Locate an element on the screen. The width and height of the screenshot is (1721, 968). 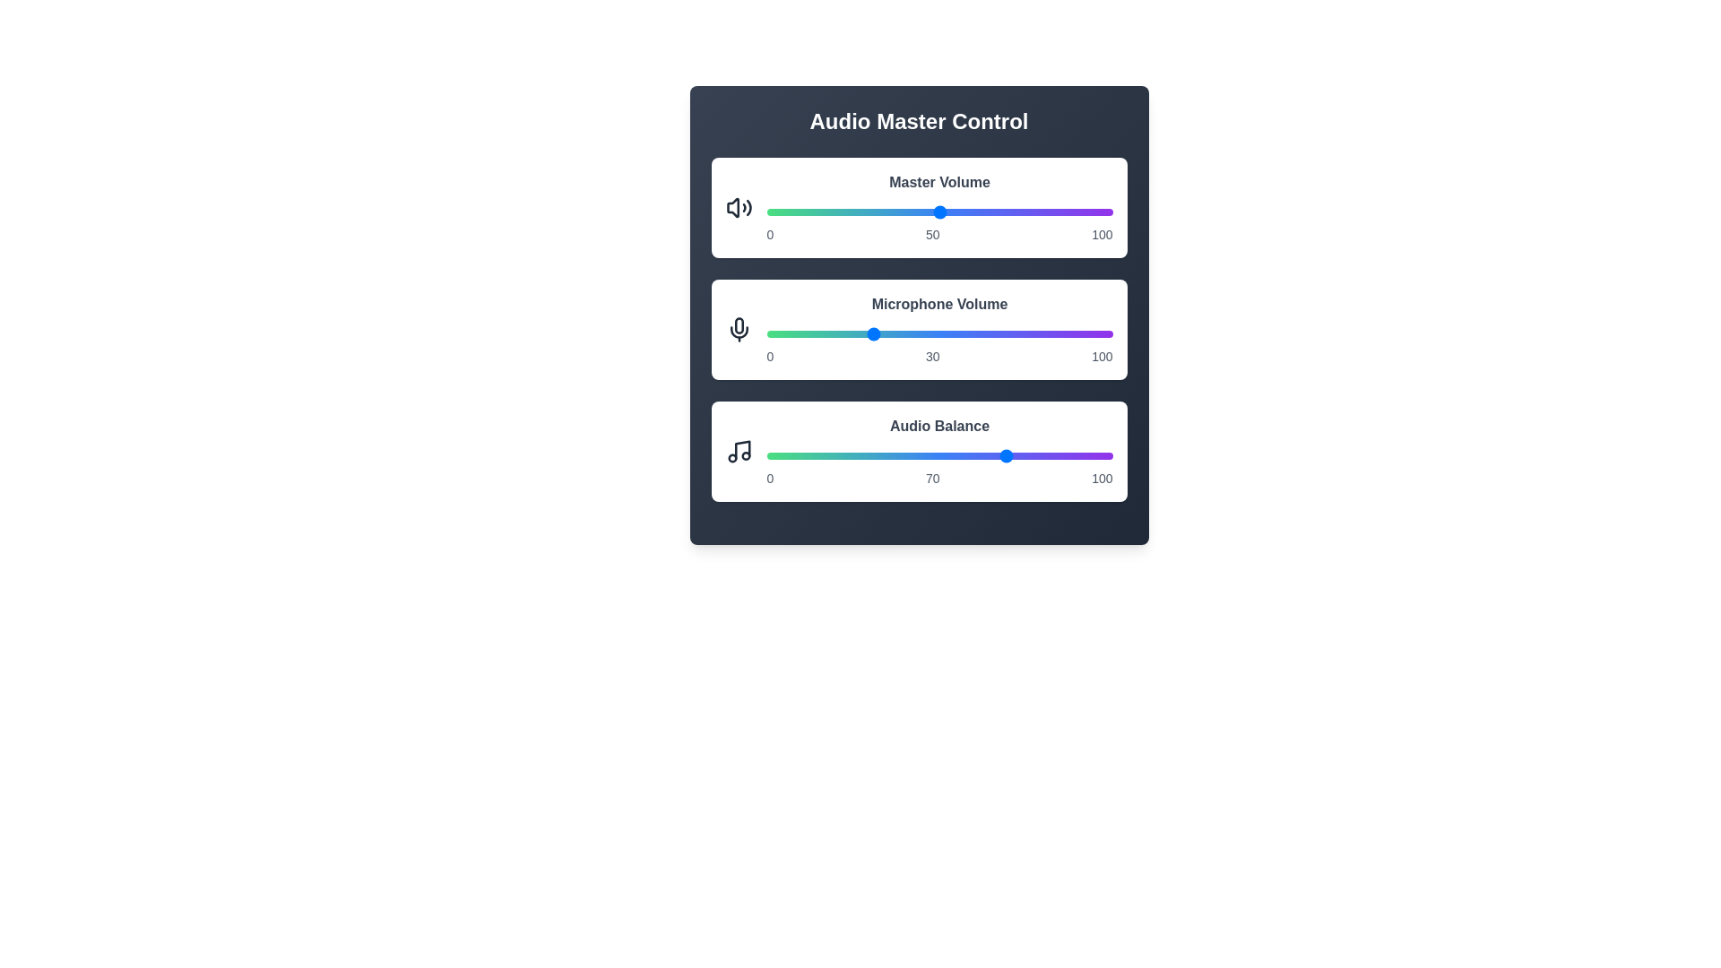
the Audio Balance slider to 81% is located at coordinates (1047, 455).